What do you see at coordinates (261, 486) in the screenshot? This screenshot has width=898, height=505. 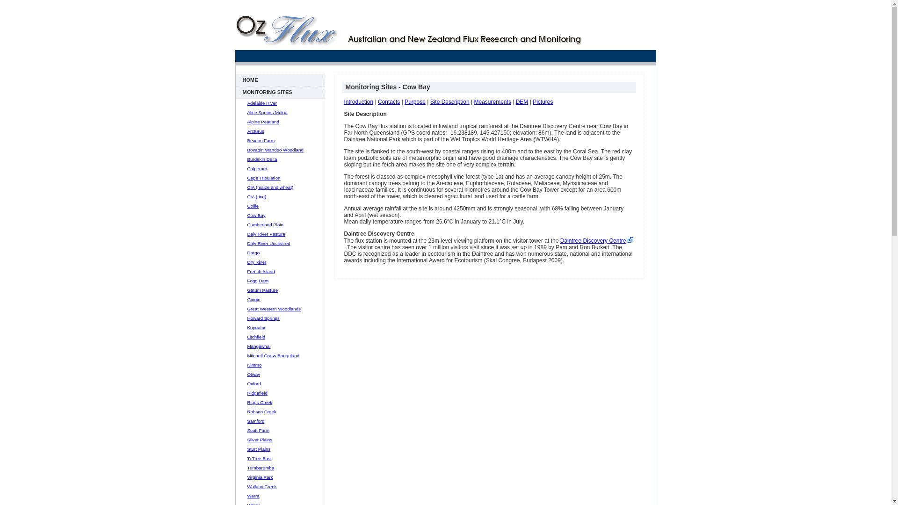 I see `'Wallaby Creek'` at bounding box center [261, 486].